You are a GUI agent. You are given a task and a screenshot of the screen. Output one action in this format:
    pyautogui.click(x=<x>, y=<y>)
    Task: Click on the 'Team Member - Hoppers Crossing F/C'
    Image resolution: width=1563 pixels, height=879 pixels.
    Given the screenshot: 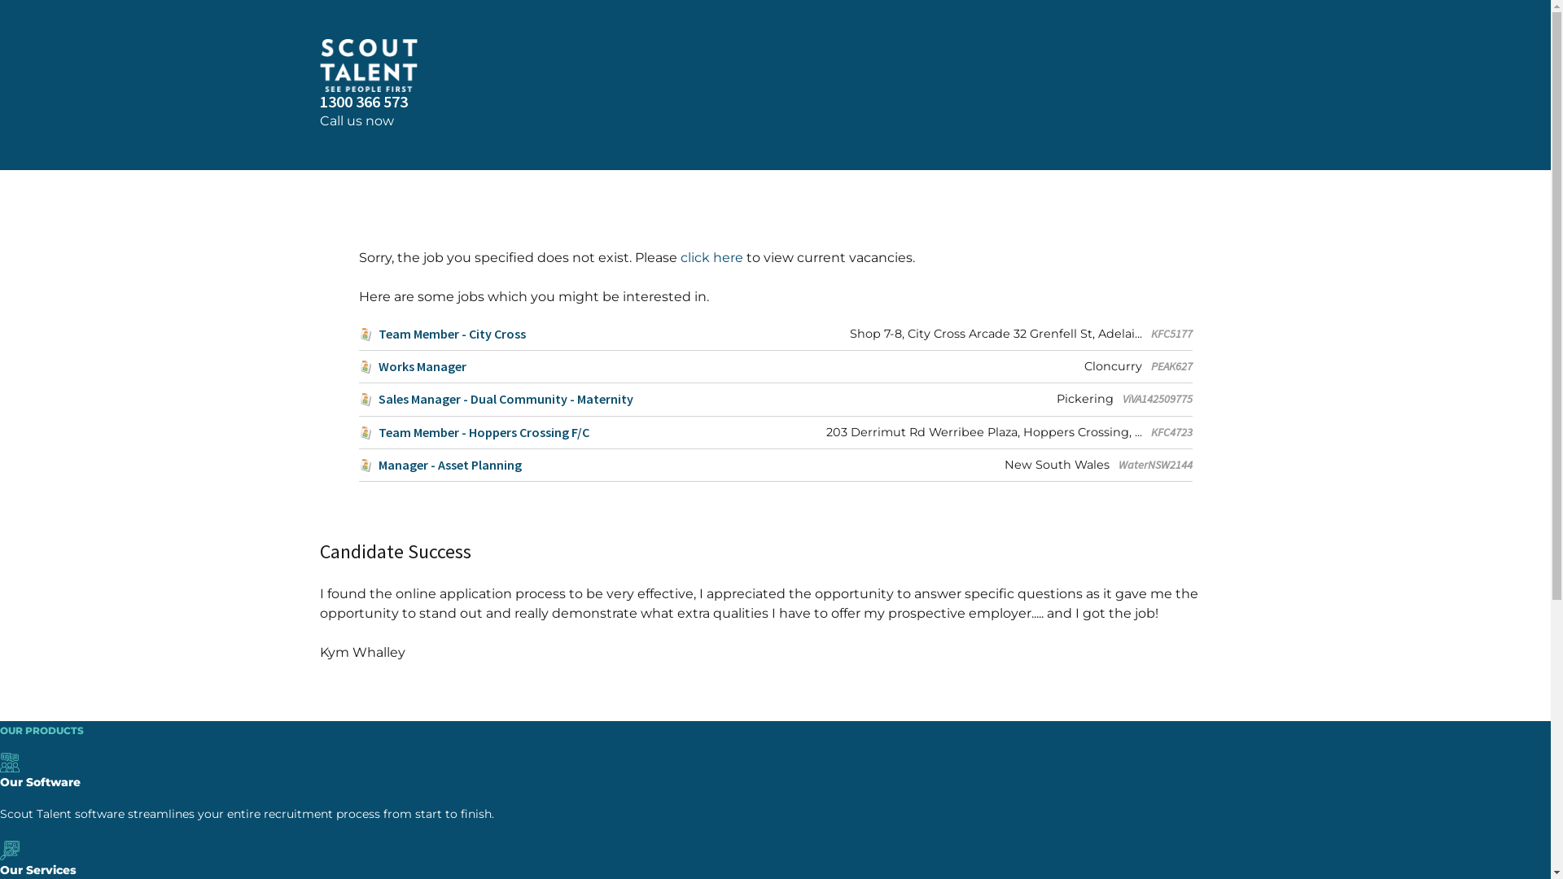 What is the action you would take?
    pyautogui.click(x=472, y=431)
    